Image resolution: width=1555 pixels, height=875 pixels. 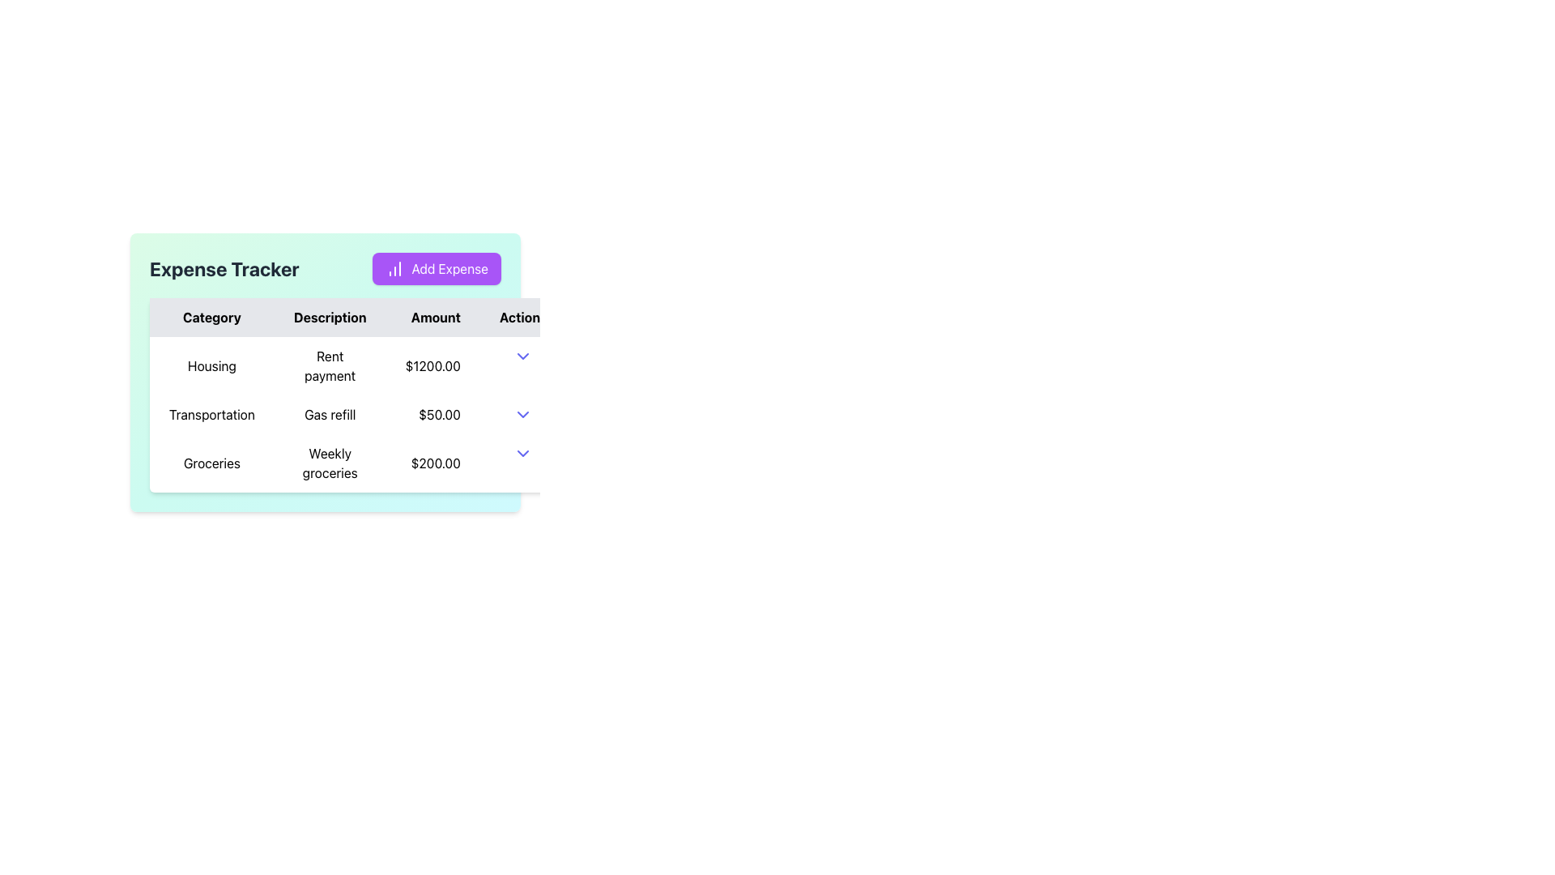 I want to click on text label 'Amount' which is displayed in bold black font within the table header, aligned to the right, so click(x=432, y=318).